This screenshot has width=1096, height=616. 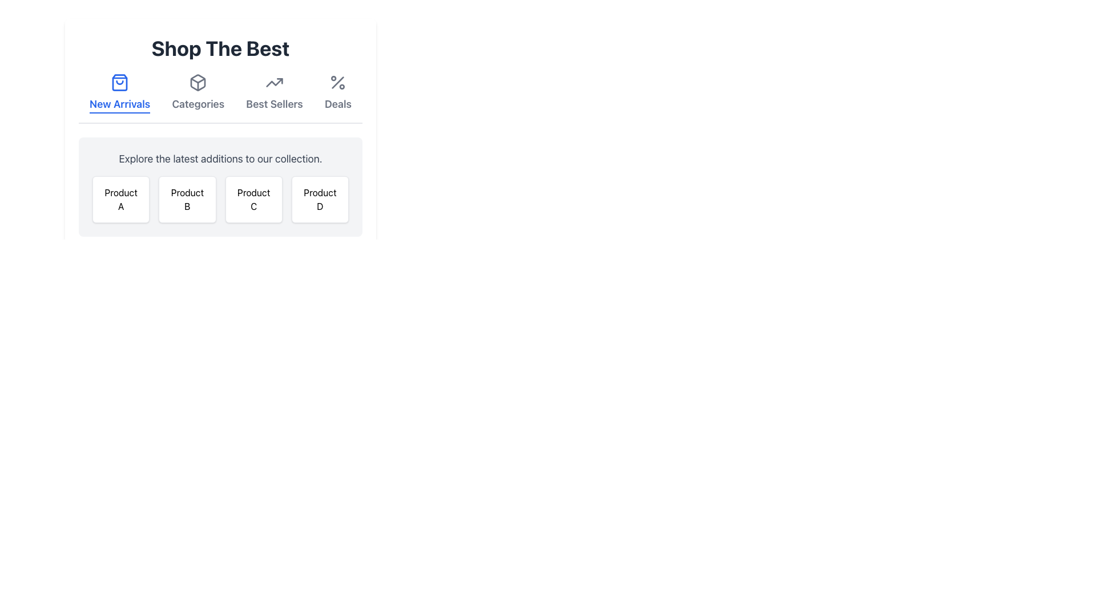 I want to click on the card labeled 'Product C', which has a white background, thin border, rounded corners, and displays the text 'Product C' in black font, so click(x=253, y=199).